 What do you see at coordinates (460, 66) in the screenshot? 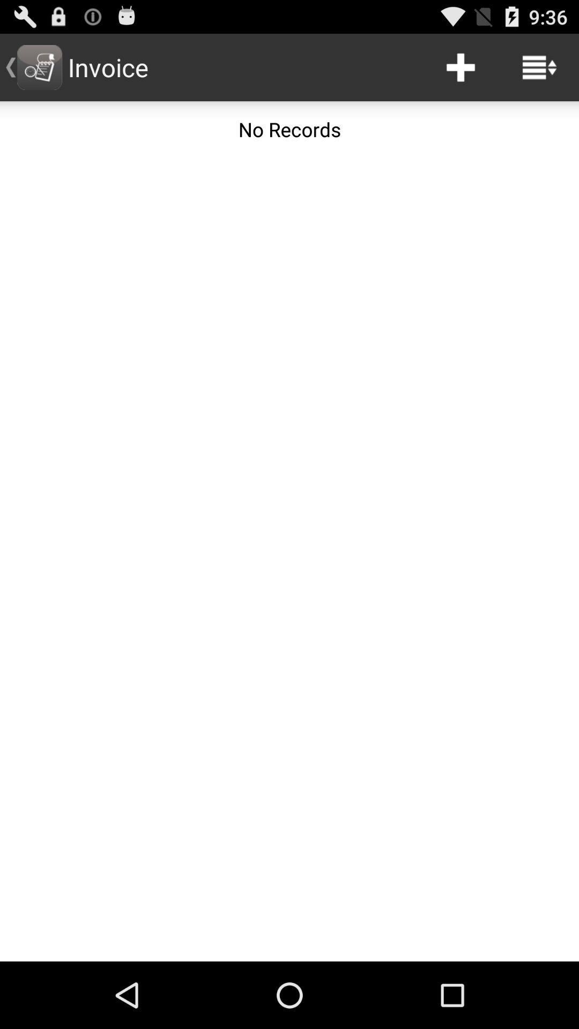
I see `the app above no records app` at bounding box center [460, 66].